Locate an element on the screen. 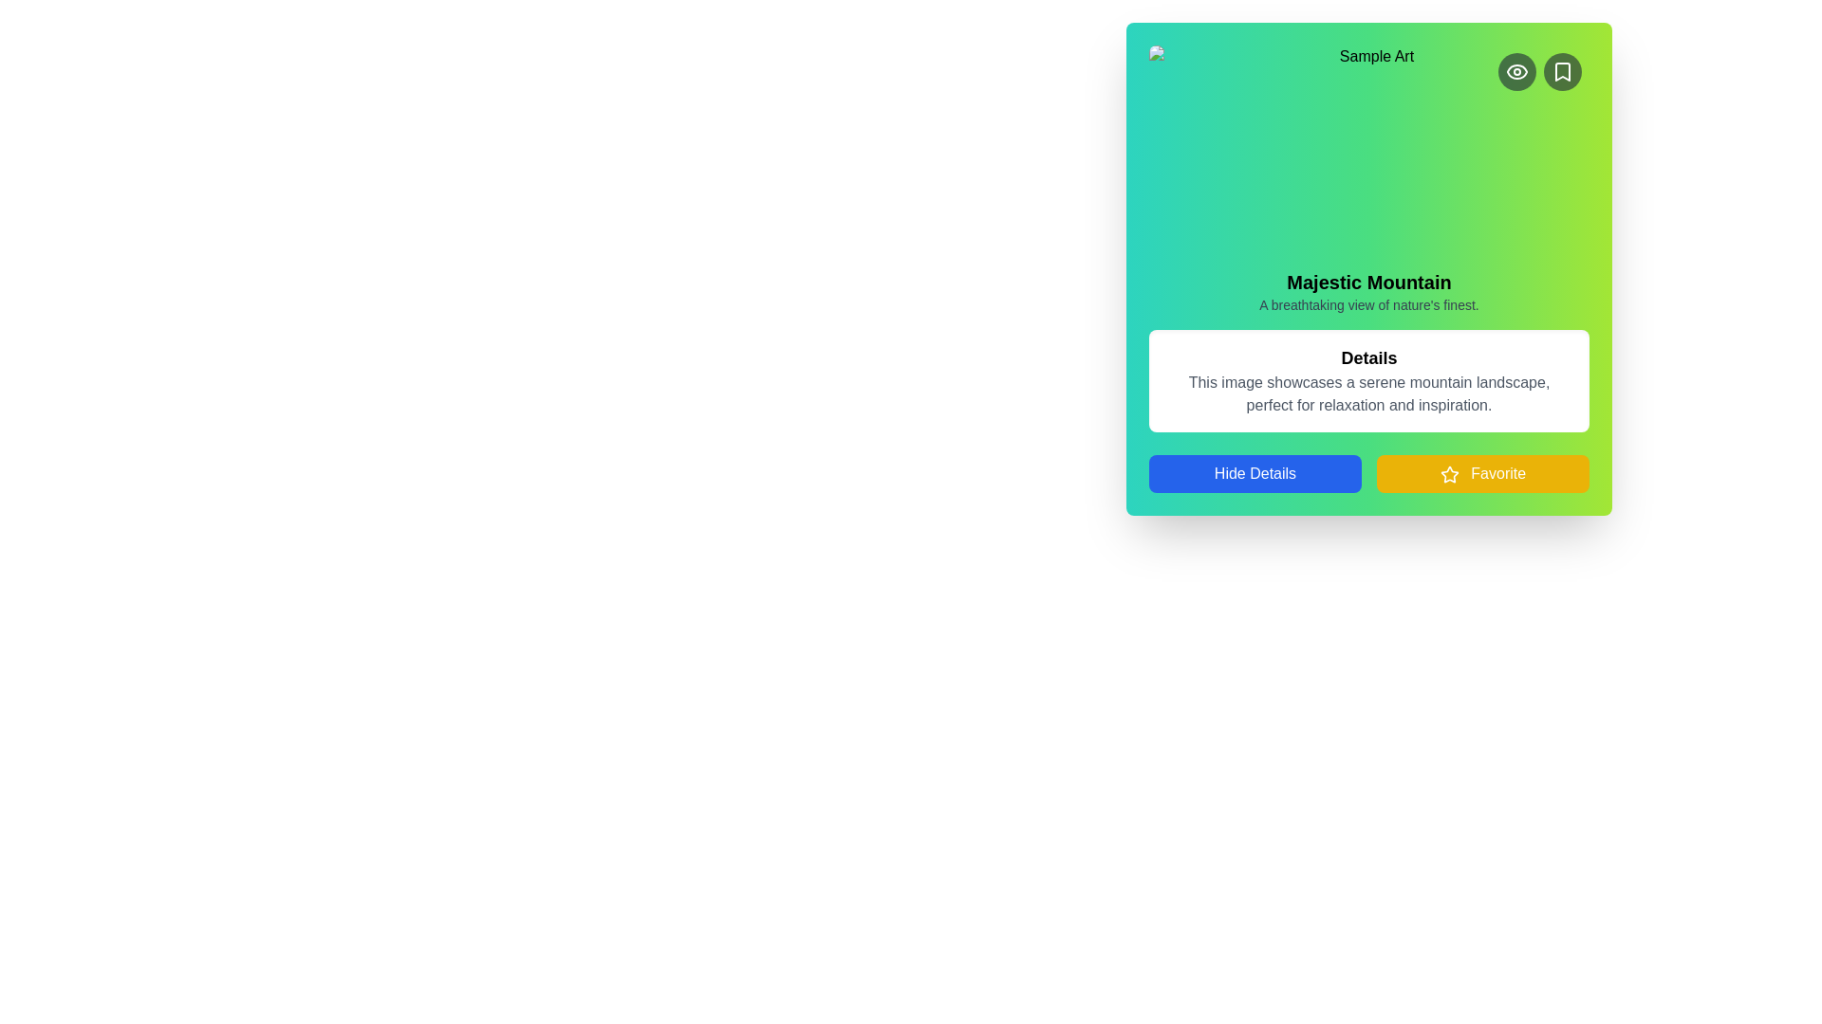  the visibility icon button located at the top-right corner of the card interface, next to the 'Sample Art' title is located at coordinates (1515, 71).